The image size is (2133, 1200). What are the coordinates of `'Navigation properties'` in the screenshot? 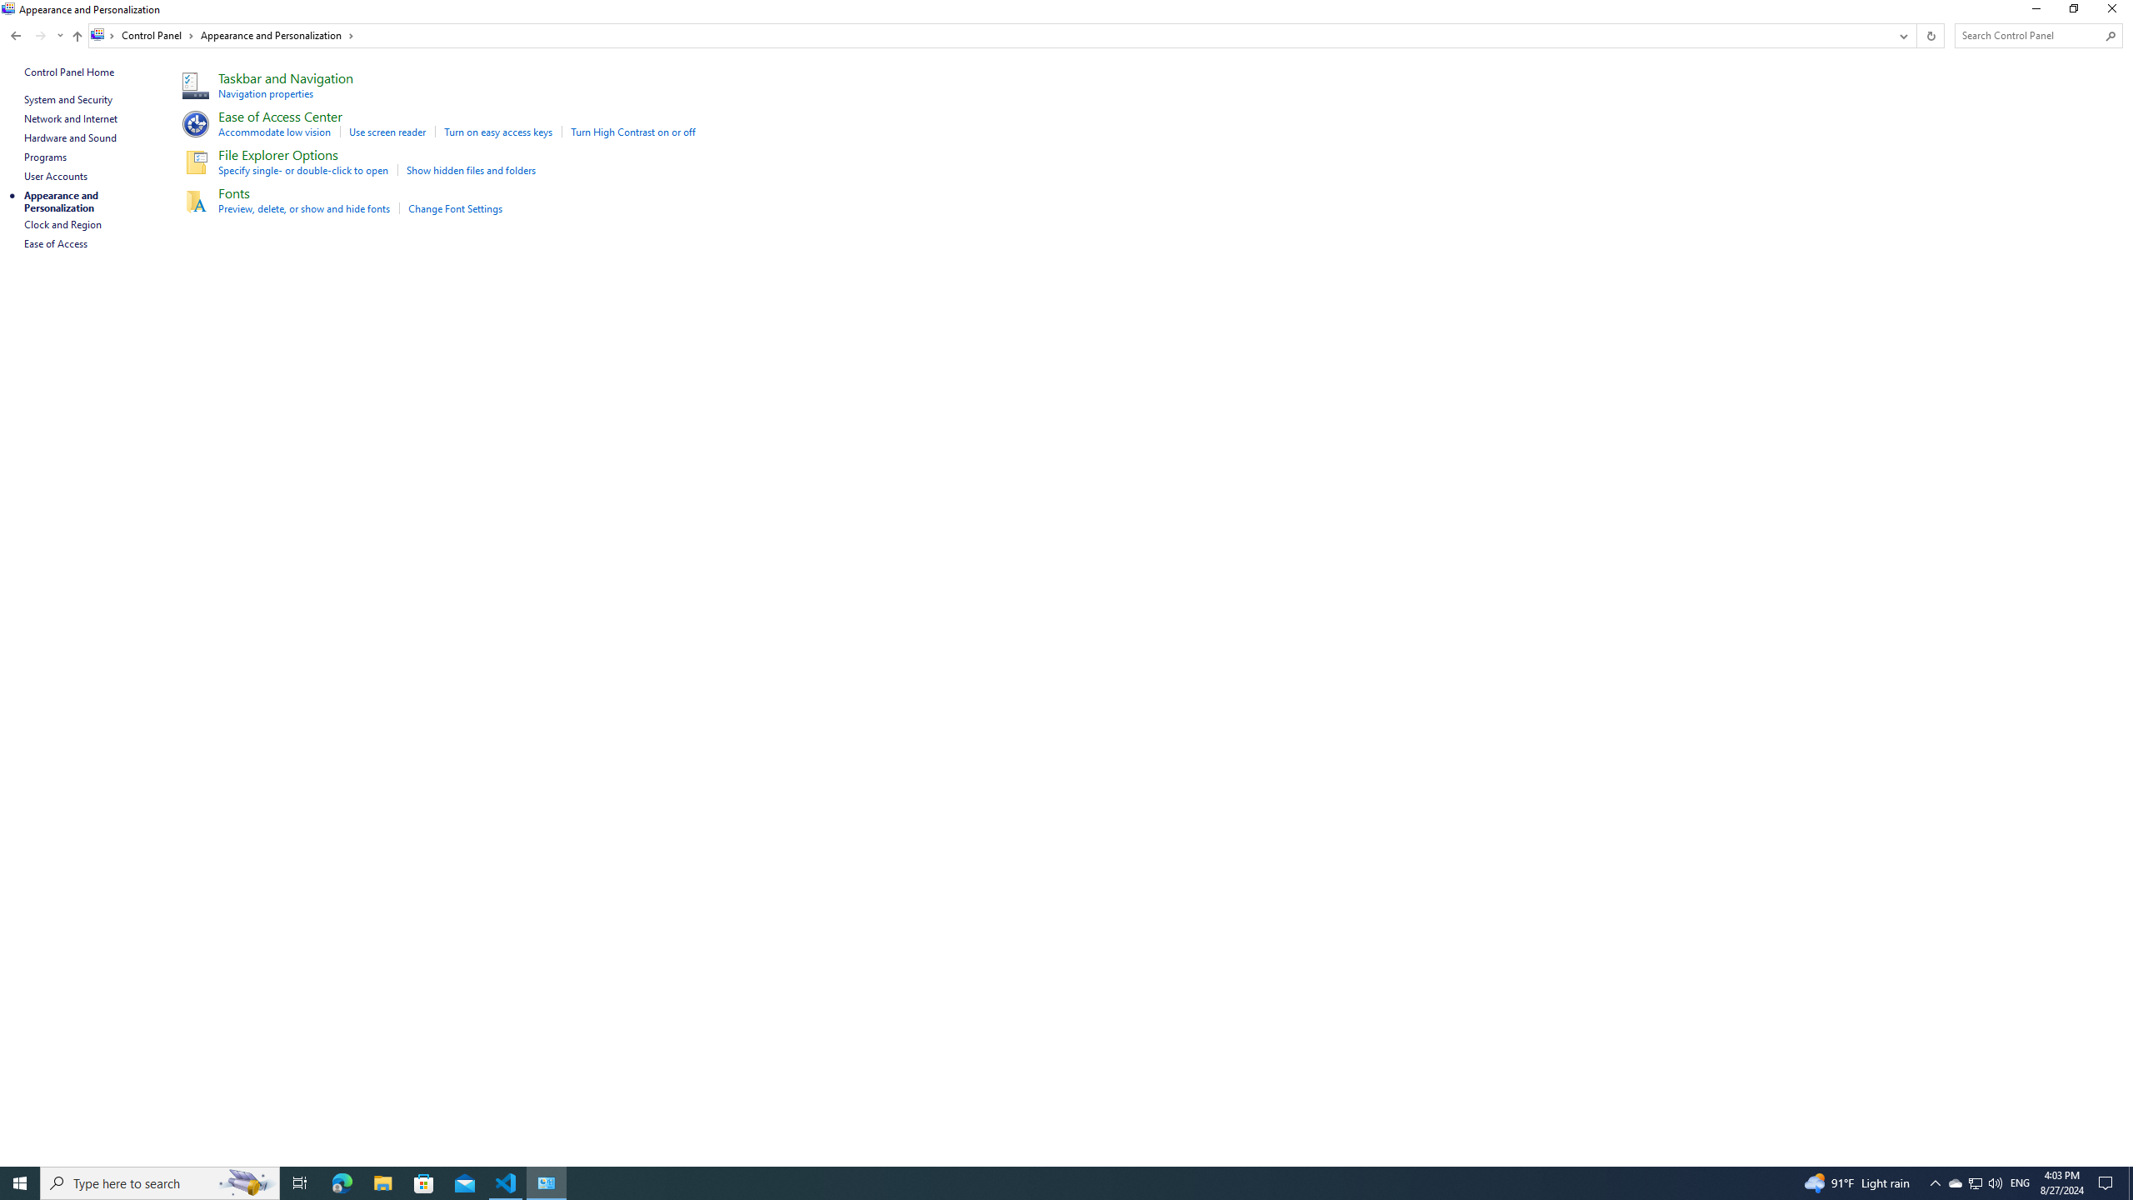 It's located at (266, 92).